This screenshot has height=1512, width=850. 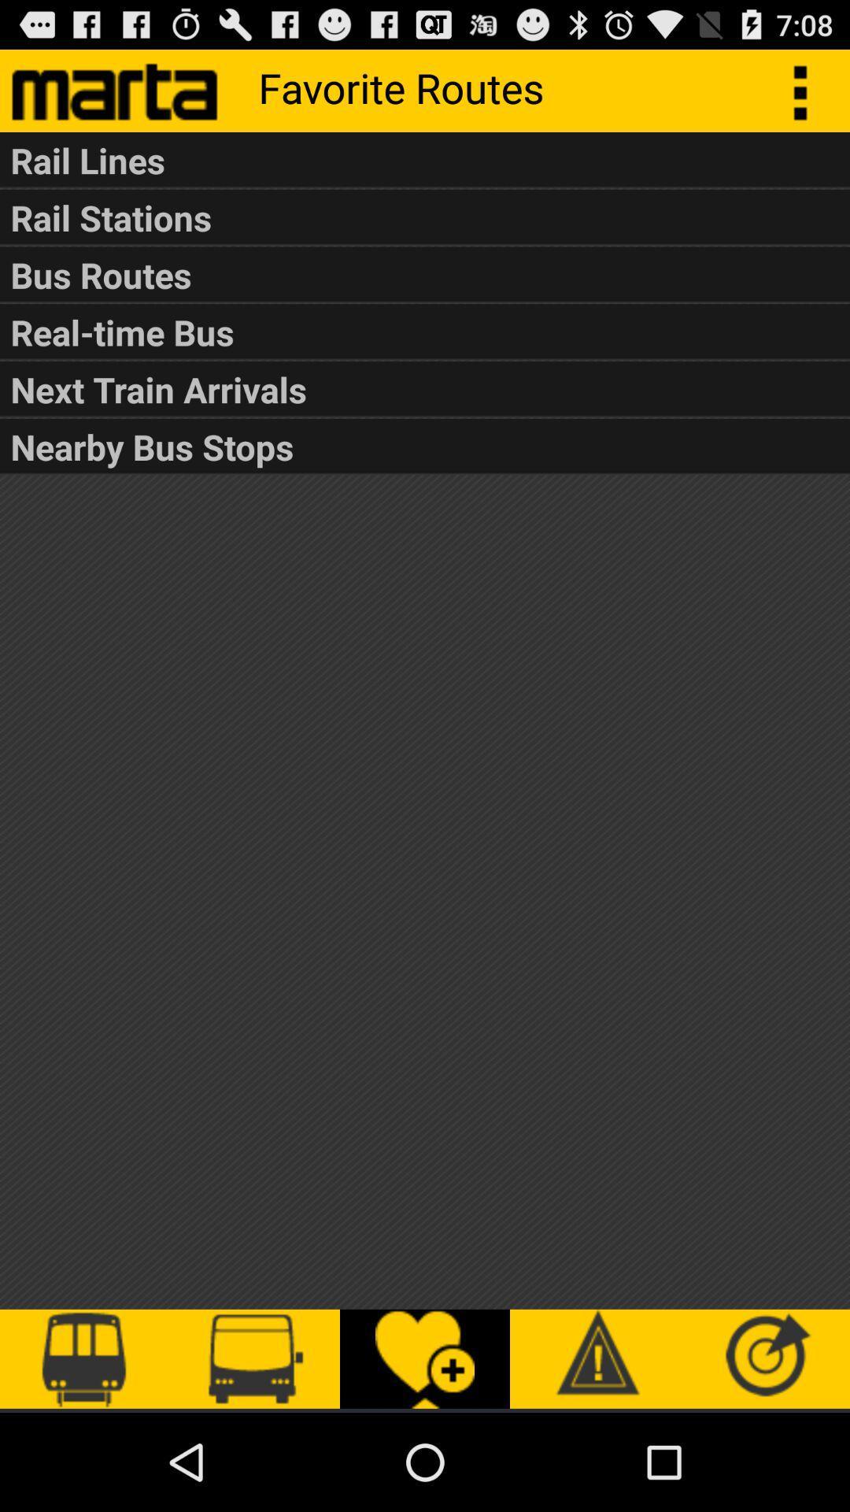 I want to click on the more icon, so click(x=808, y=96).